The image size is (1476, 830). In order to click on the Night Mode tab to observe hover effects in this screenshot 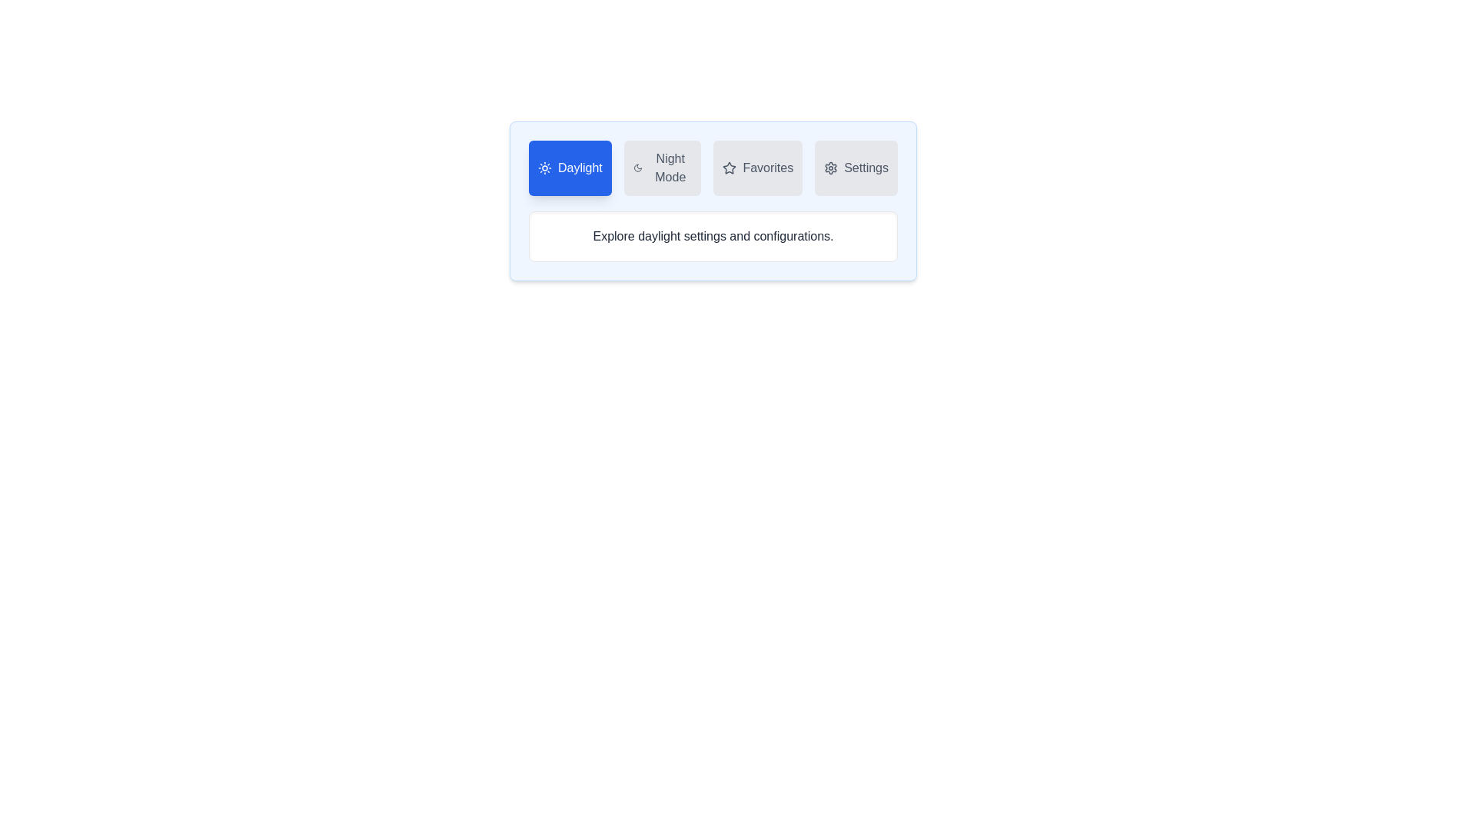, I will do `click(663, 168)`.